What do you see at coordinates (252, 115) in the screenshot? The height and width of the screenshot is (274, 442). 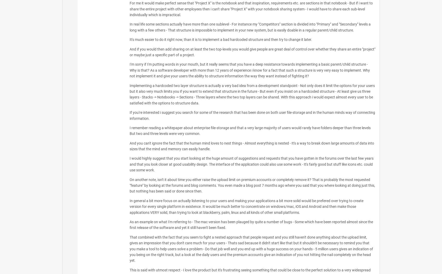 I see `'If you're interested i suggest you search for some of the research that has been done on both user file-storage and in the human minds way of connecting information.'` at bounding box center [252, 115].